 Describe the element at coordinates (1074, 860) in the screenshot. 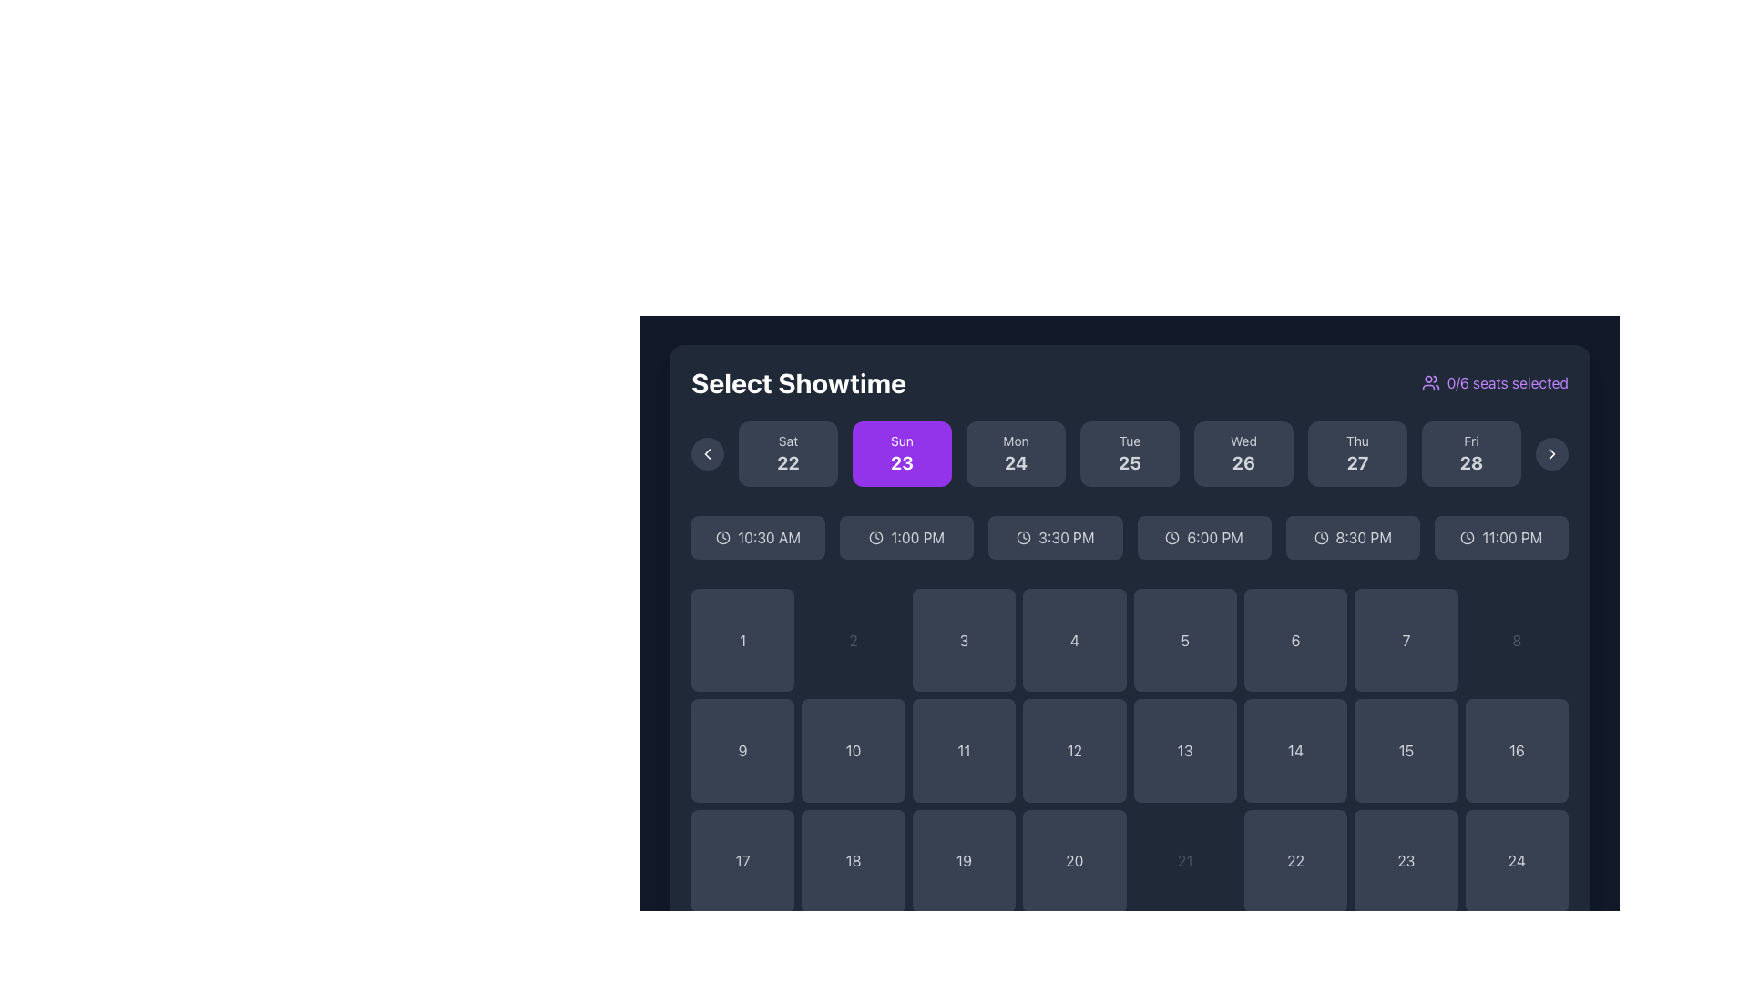

I see `the button labeled '20' located in the third row and fourth column of the grid` at that location.